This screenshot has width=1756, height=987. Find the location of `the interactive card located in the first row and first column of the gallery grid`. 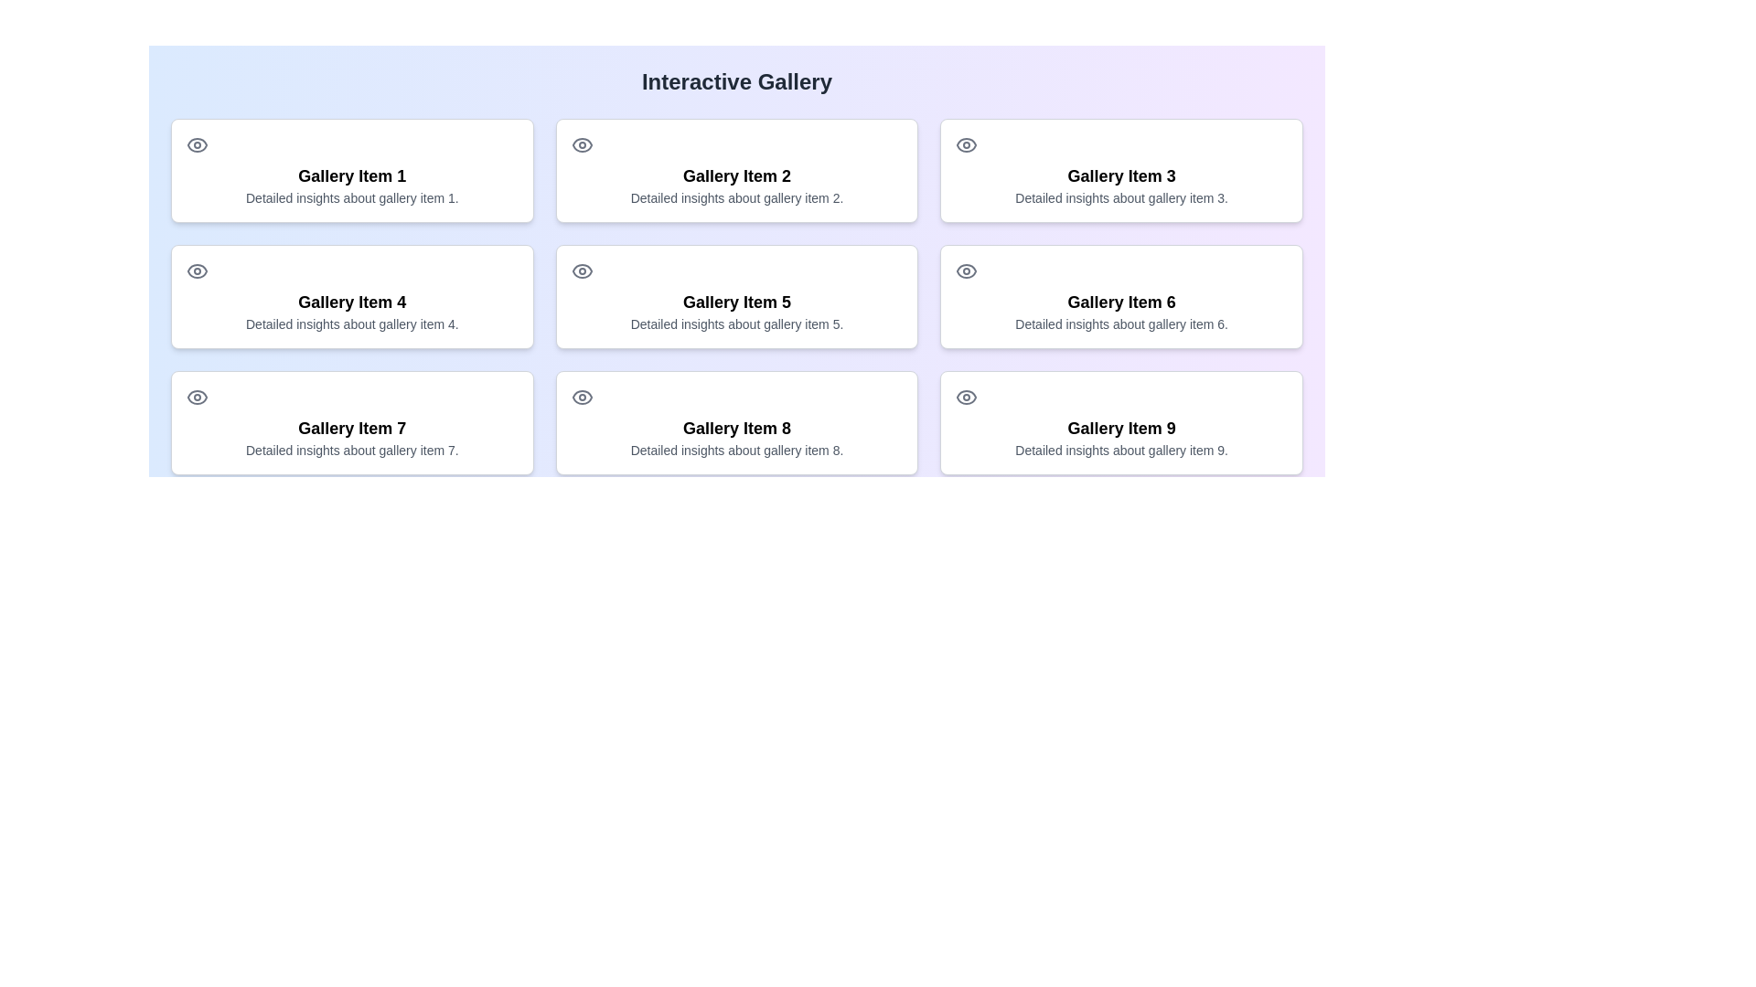

the interactive card located in the first row and first column of the gallery grid is located at coordinates (352, 170).